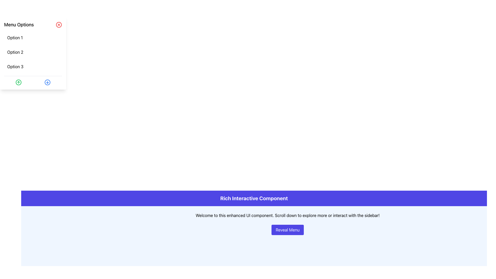 Image resolution: width=496 pixels, height=279 pixels. Describe the element at coordinates (19, 82) in the screenshot. I see `the circular SVG graphic located near the bottom left corner of the 'Menu Options' section, which serves as an interactive component for signaling actions` at that location.